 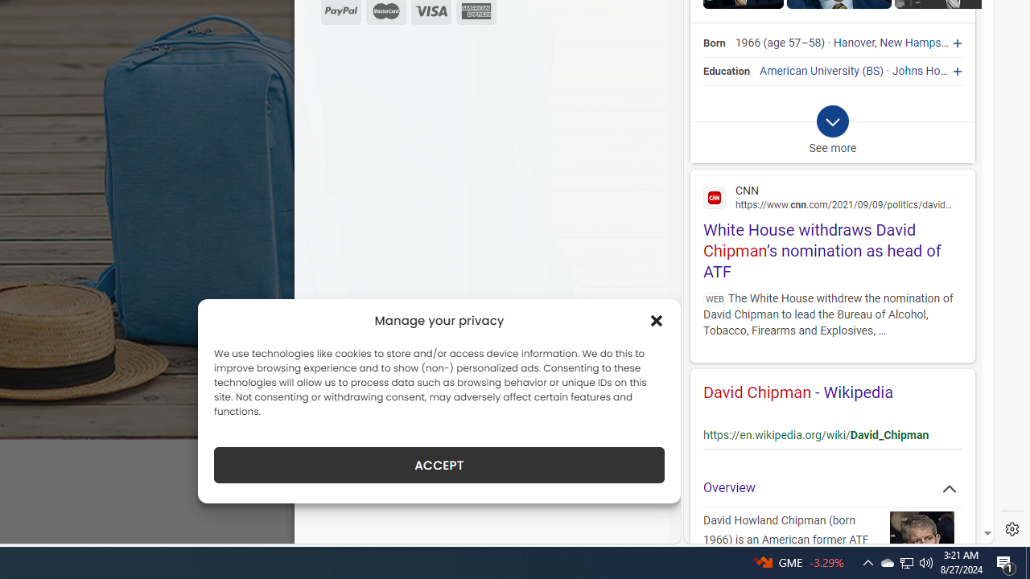 What do you see at coordinates (872, 70) in the screenshot?
I see `'BS'` at bounding box center [872, 70].